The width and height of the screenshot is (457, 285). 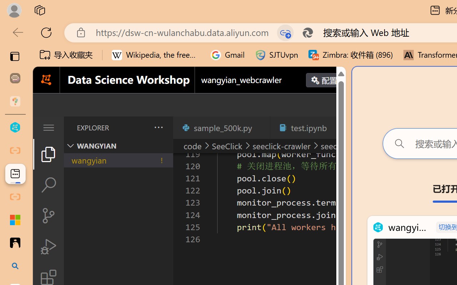 I want to click on 'Explorer (Ctrl+Shift+E)', so click(x=48, y=154).